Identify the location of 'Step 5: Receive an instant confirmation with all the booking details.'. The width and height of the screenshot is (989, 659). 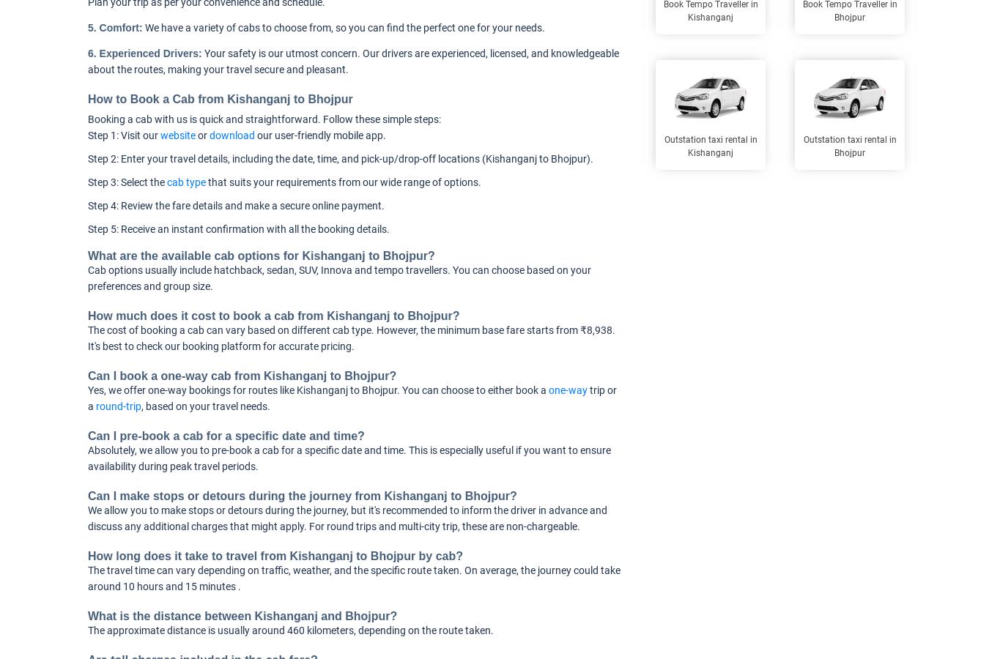
(238, 228).